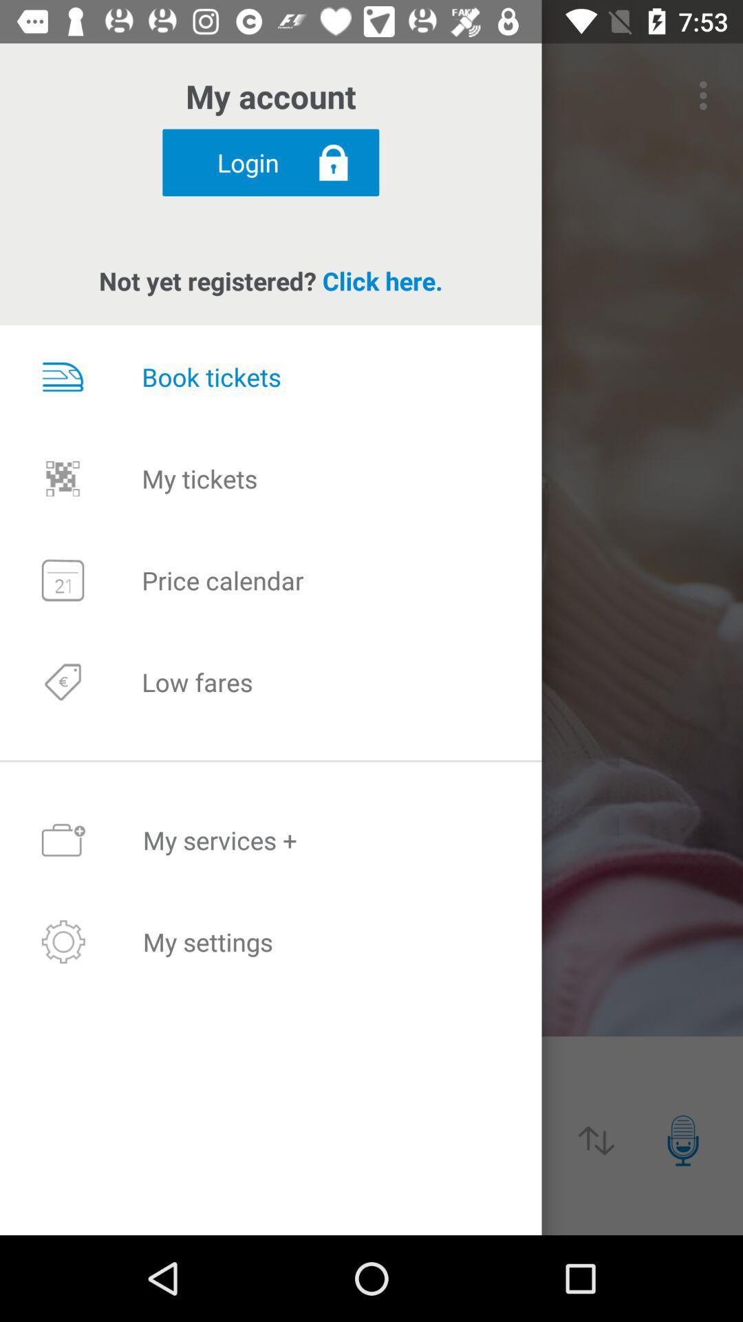 This screenshot has width=743, height=1322. Describe the element at coordinates (682, 1140) in the screenshot. I see `the button which is at the bottom right corner of the page` at that location.